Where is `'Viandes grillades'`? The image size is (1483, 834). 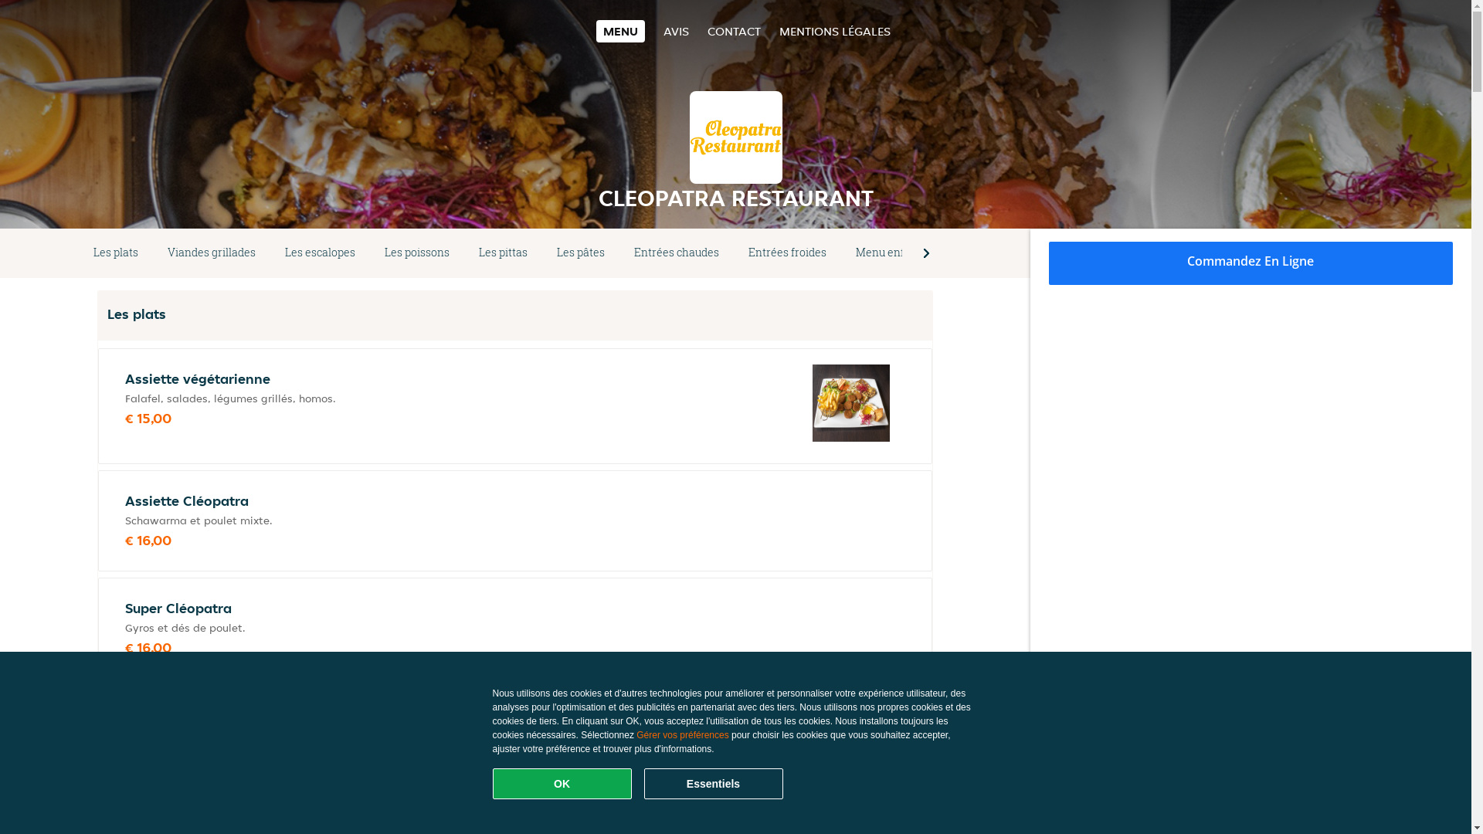
'Viandes grillades' is located at coordinates (152, 252).